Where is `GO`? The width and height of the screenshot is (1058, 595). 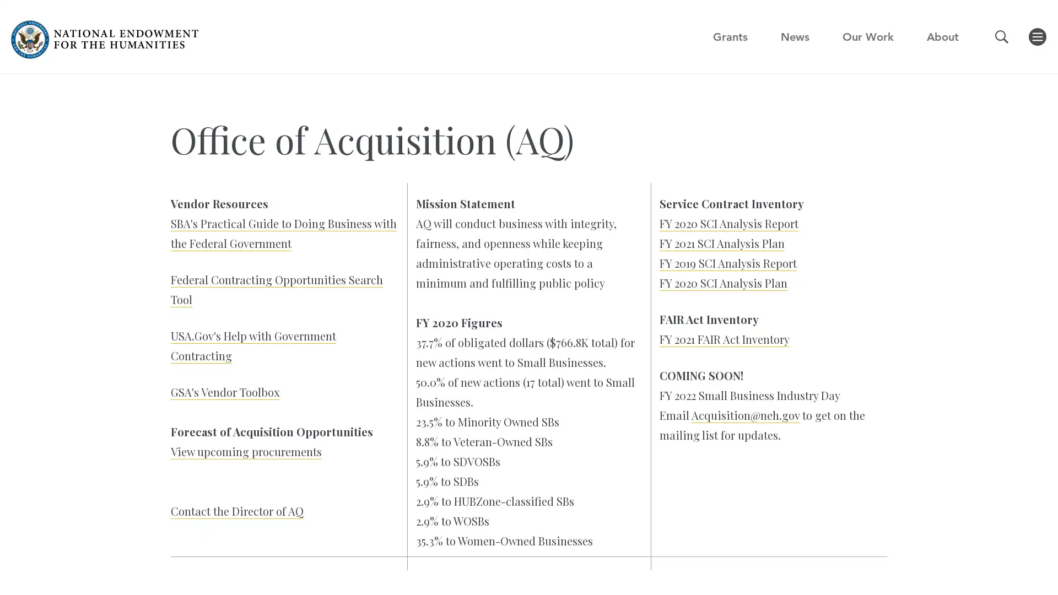 GO is located at coordinates (725, 50).